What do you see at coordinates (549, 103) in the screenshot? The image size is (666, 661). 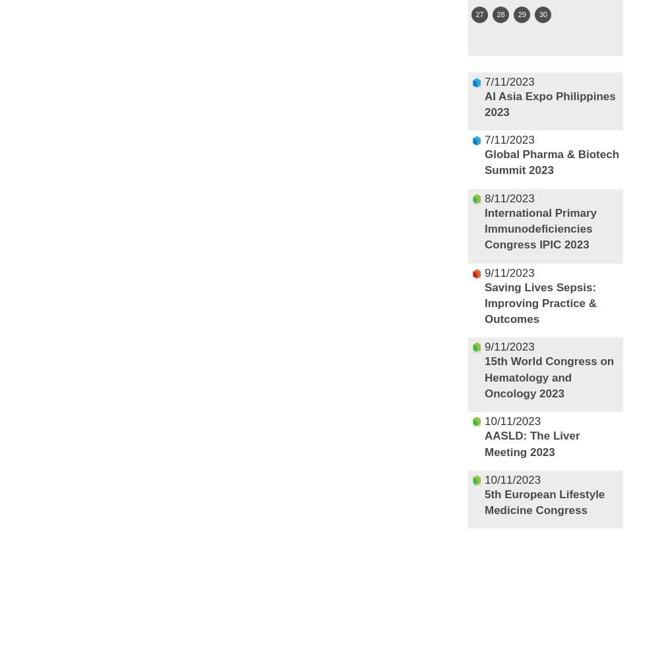 I see `'AI Asia Expo Philippines 2023'` at bounding box center [549, 103].